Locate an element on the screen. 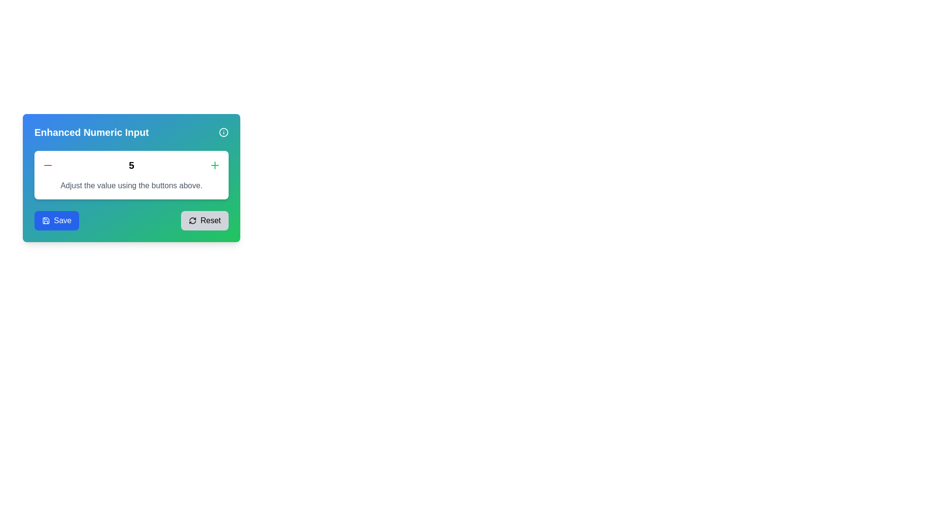  the 'Reset' button which contains the icon that represents the reset action to revert values to their initial conditions is located at coordinates (193, 221).